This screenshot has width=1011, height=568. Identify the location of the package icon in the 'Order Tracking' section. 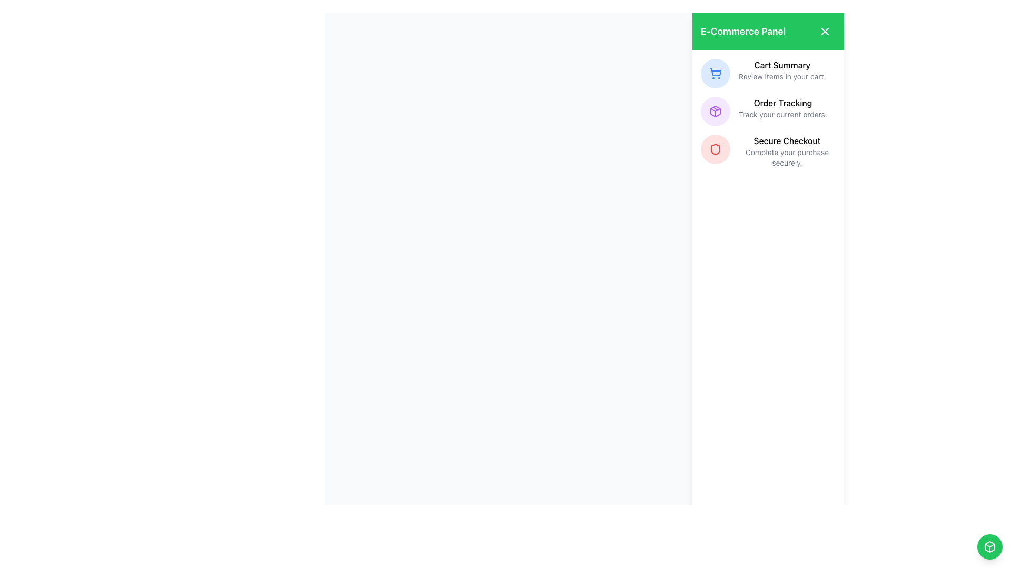
(715, 111).